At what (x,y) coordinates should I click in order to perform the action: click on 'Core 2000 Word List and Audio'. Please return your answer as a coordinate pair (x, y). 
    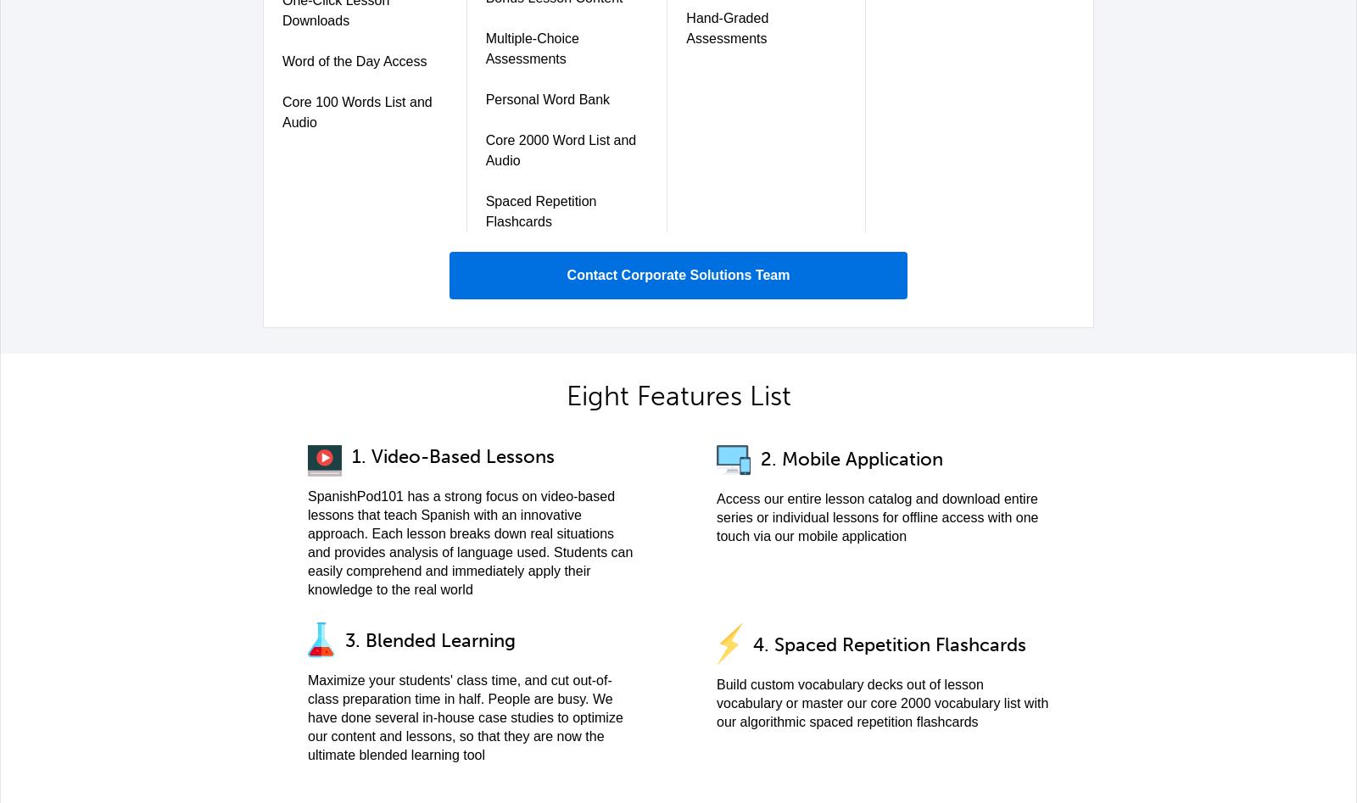
    Looking at the image, I should click on (484, 149).